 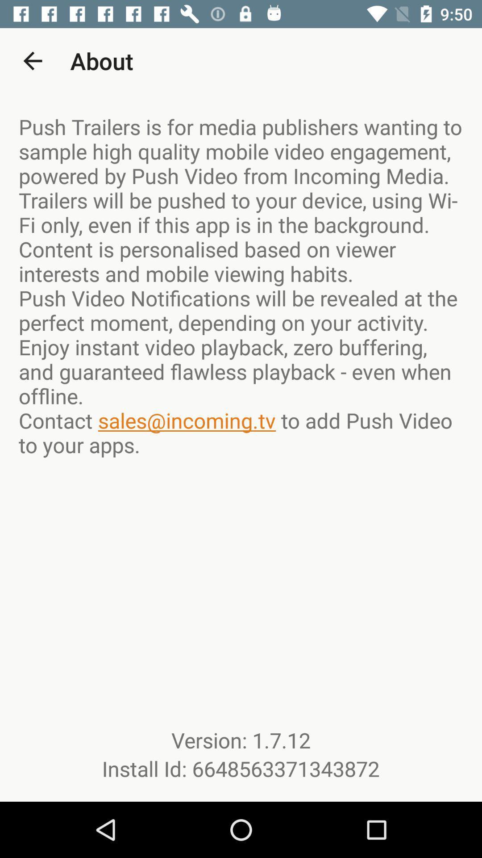 I want to click on the icon above version 1 7 item, so click(x=241, y=285).